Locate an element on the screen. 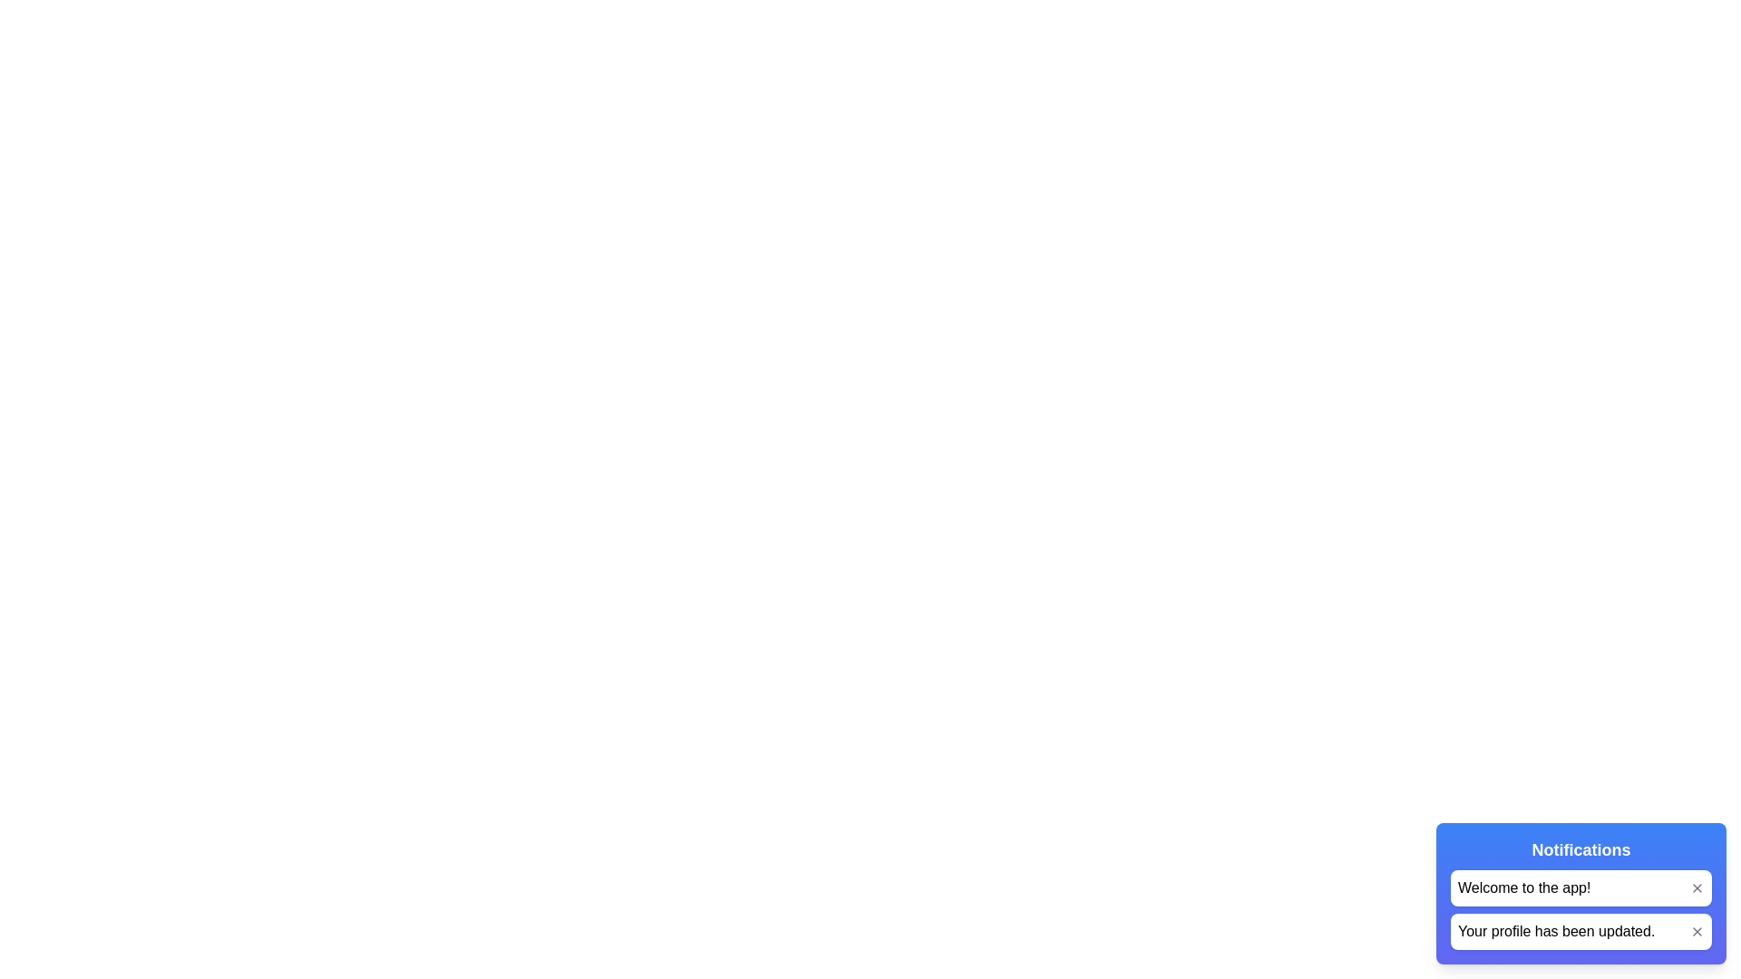  the static text label displaying 'Welcome to the app!' which is centered in a notification card at the bottom-right corner of the interface is located at coordinates (1523, 887).